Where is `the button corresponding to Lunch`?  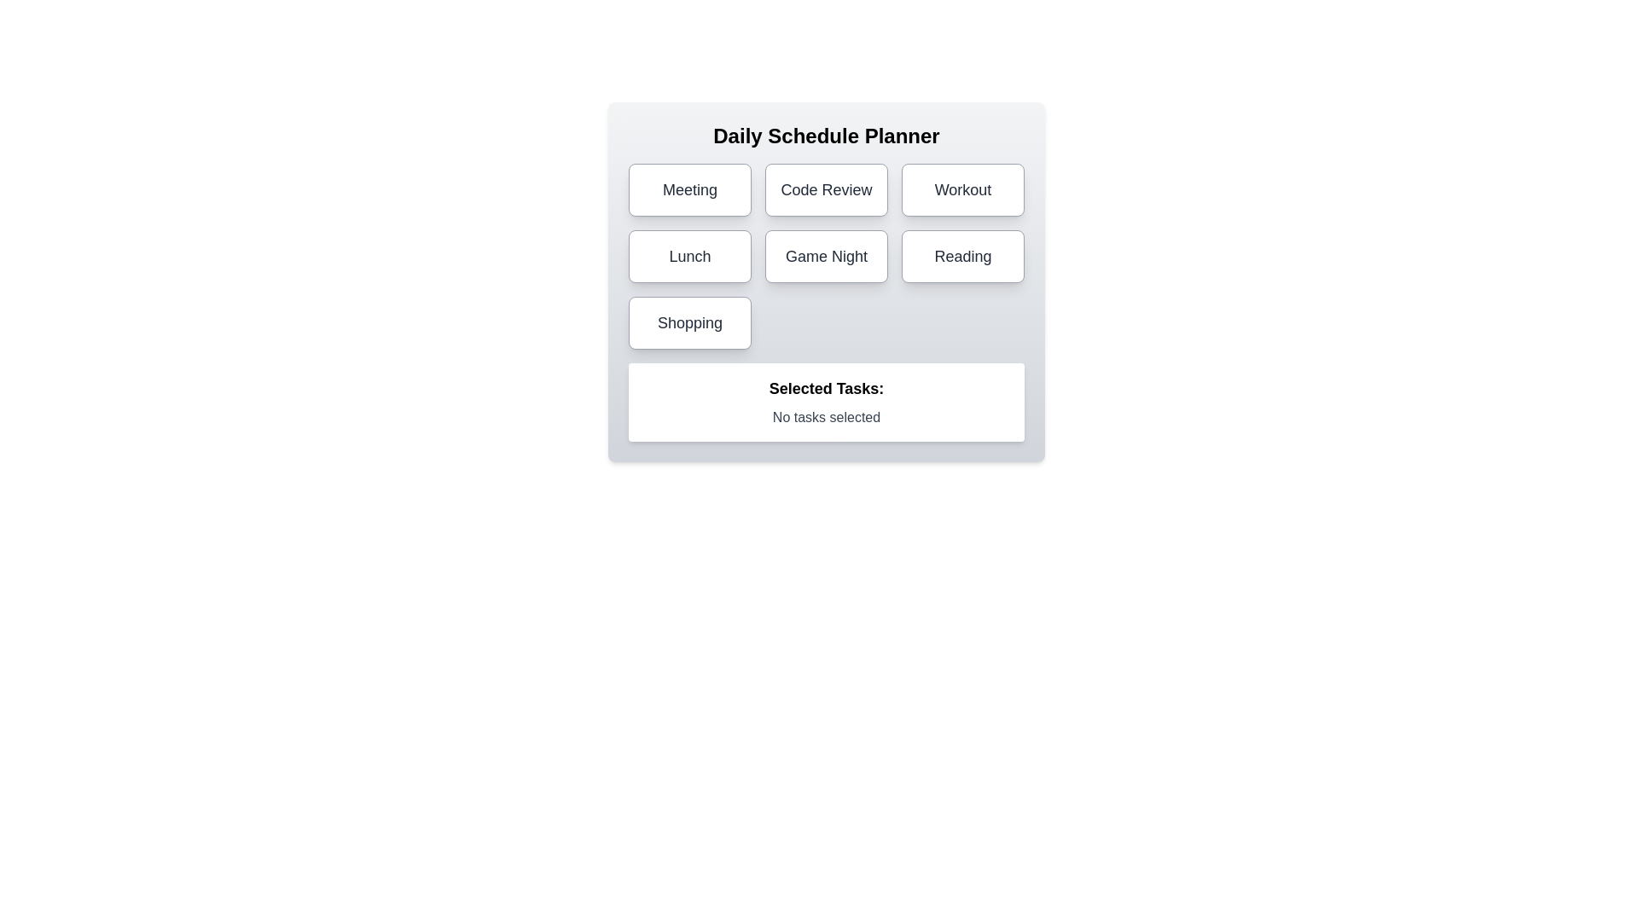 the button corresponding to Lunch is located at coordinates (690, 256).